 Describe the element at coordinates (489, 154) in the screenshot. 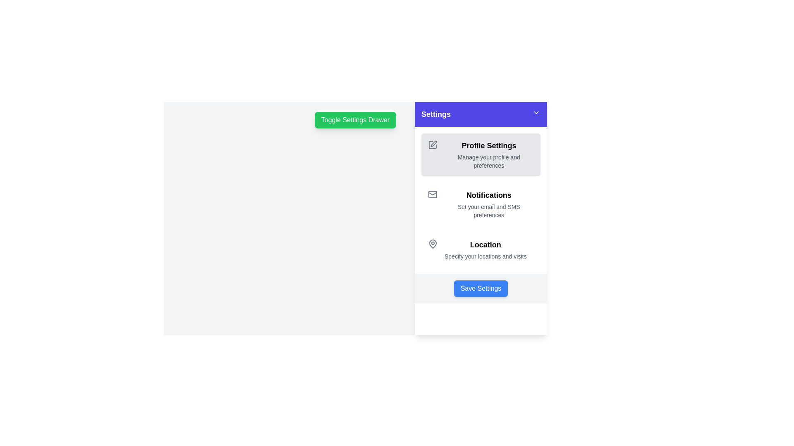

I see `the static text block titled 'Profile Settings' that contains a description stating 'Manage your profile and preferences', located in the right-side settings panel under the 'Settings' header` at that location.